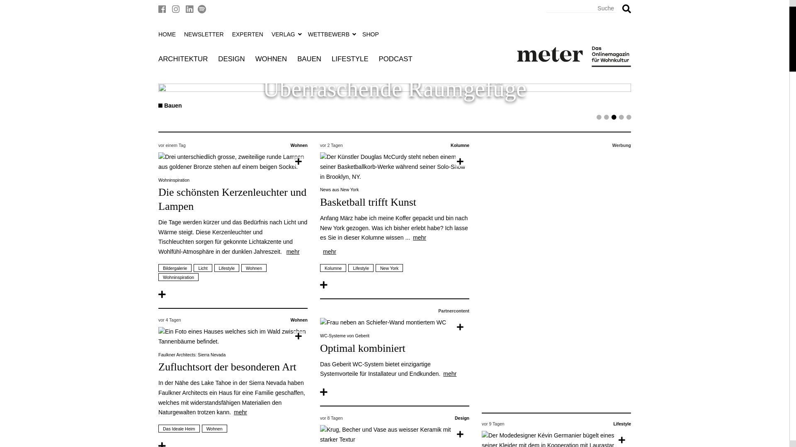 The width and height of the screenshot is (796, 447). Describe the element at coordinates (248, 34) in the screenshot. I see `'EXPERTEN'` at that location.